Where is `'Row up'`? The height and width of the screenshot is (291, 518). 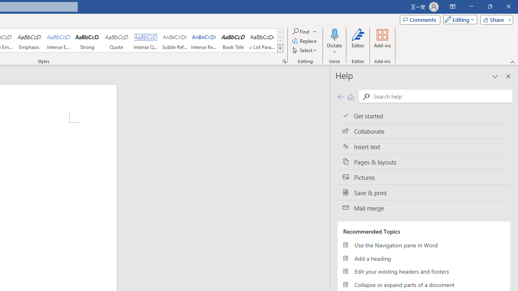 'Row up' is located at coordinates (280, 32).